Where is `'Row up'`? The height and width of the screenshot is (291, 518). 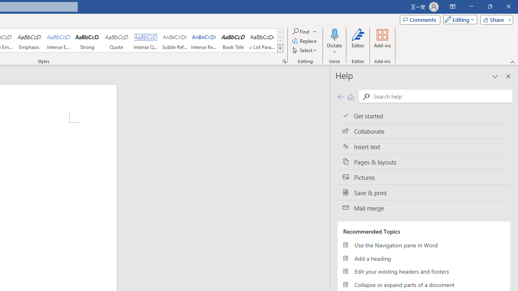 'Row up' is located at coordinates (280, 32).